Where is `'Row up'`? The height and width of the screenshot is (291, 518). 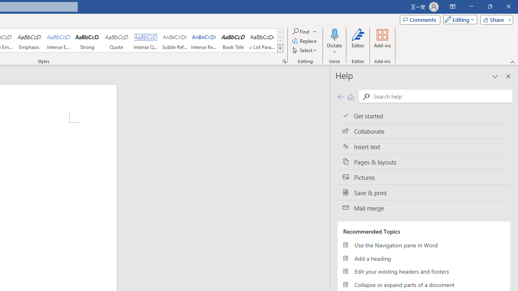 'Row up' is located at coordinates (280, 32).